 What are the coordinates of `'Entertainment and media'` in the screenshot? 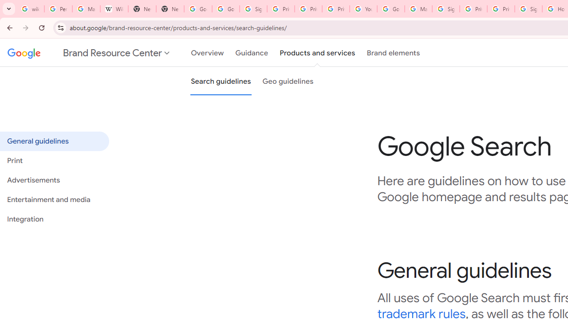 It's located at (54, 200).